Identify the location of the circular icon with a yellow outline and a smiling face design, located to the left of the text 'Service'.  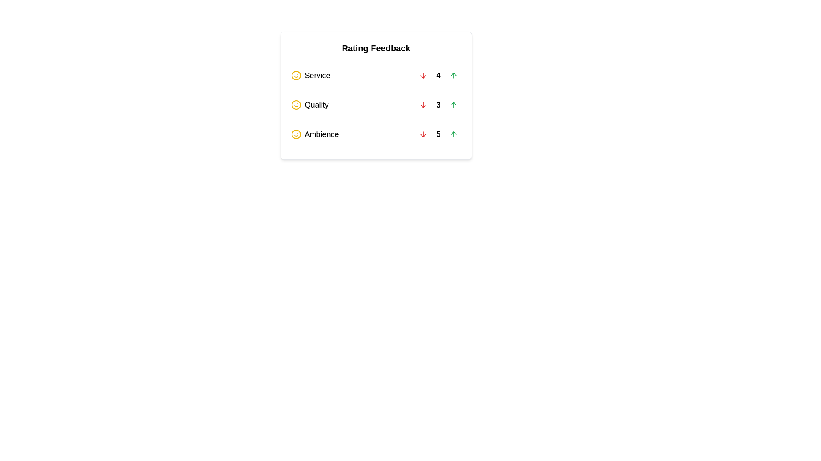
(296, 75).